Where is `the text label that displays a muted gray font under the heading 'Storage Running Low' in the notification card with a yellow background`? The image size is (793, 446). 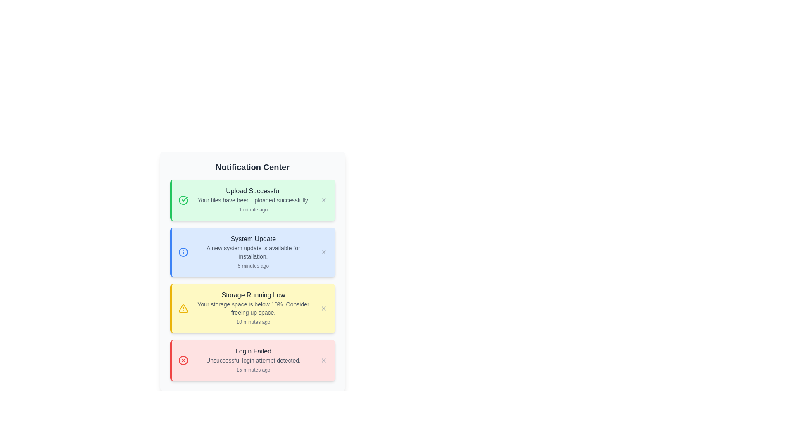 the text label that displays a muted gray font under the heading 'Storage Running Low' in the notification card with a yellow background is located at coordinates (253, 308).